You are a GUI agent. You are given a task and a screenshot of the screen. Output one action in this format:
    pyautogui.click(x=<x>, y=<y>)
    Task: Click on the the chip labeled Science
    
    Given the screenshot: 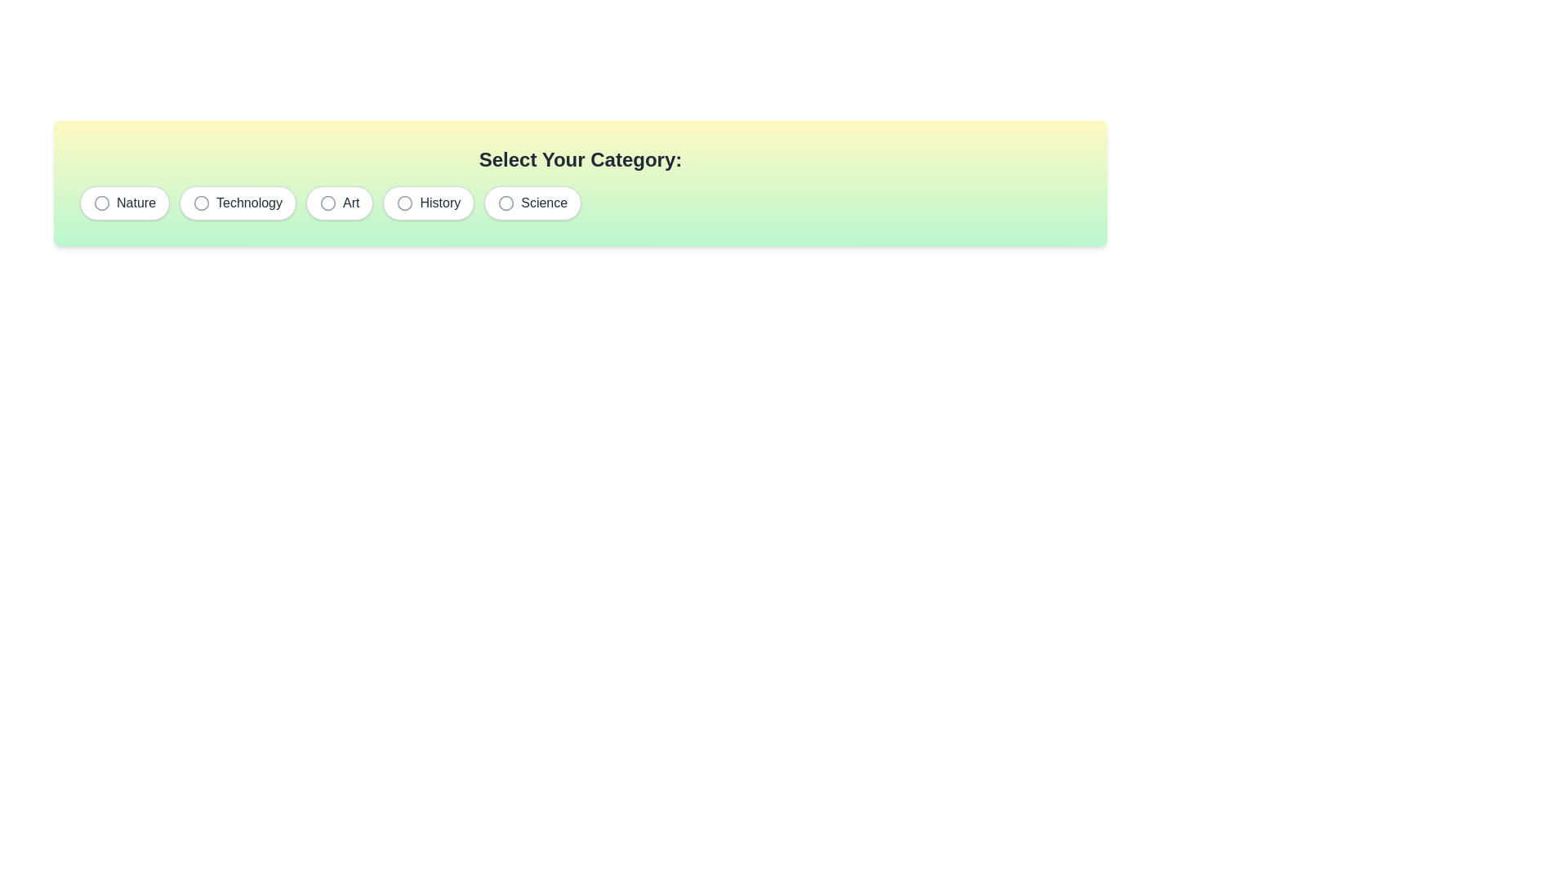 What is the action you would take?
    pyautogui.click(x=532, y=203)
    